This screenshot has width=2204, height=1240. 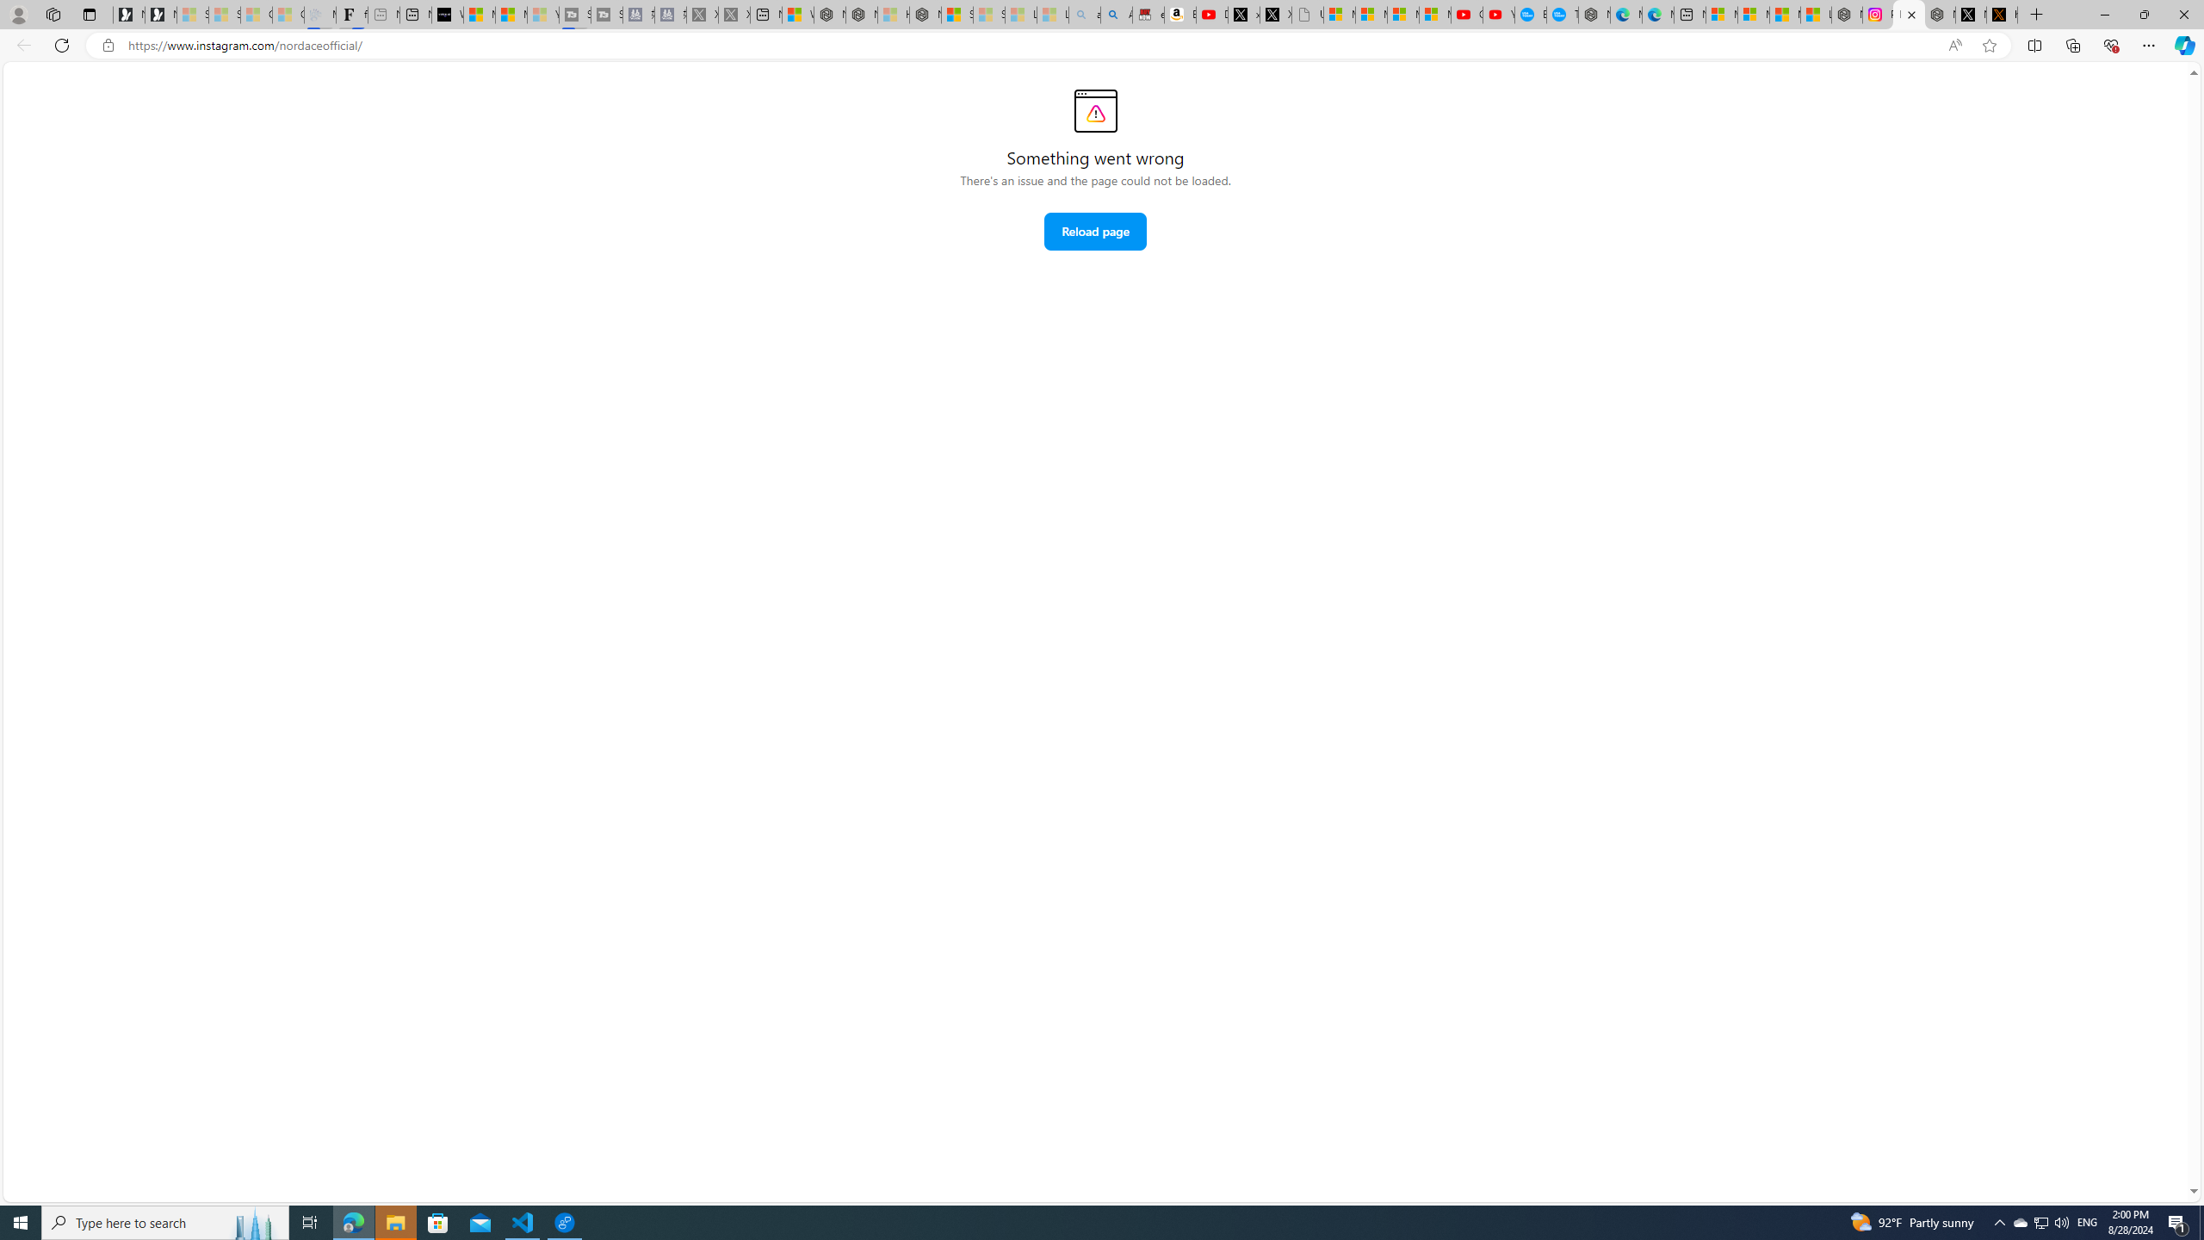 What do you see at coordinates (1094, 231) in the screenshot?
I see `'Reload page'` at bounding box center [1094, 231].